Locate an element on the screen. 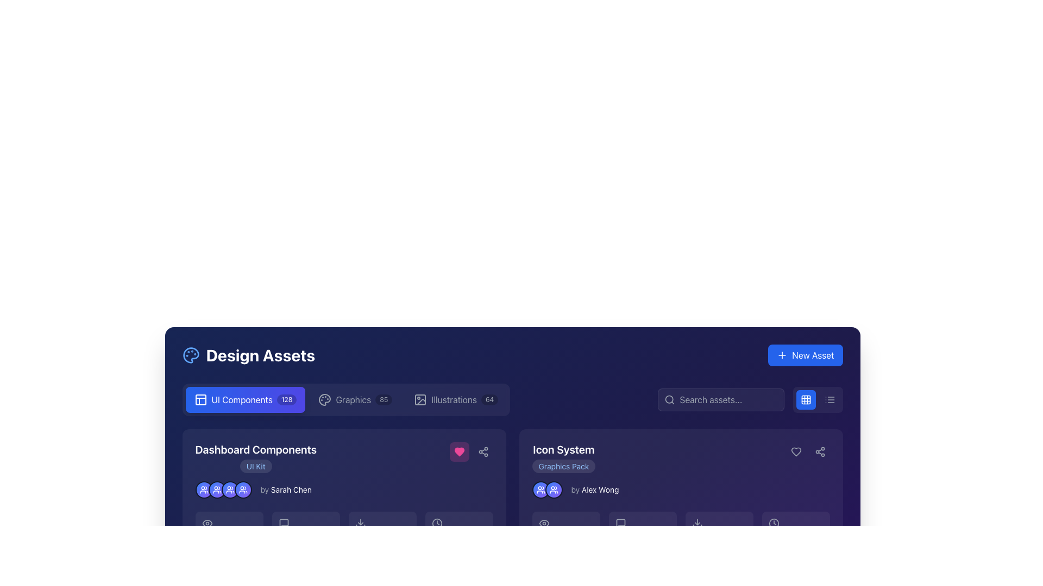  text displayed by the element showing '2.4k' in white text, located in the first column of the grid layout under 'Dashboard Components' is located at coordinates (229, 531).